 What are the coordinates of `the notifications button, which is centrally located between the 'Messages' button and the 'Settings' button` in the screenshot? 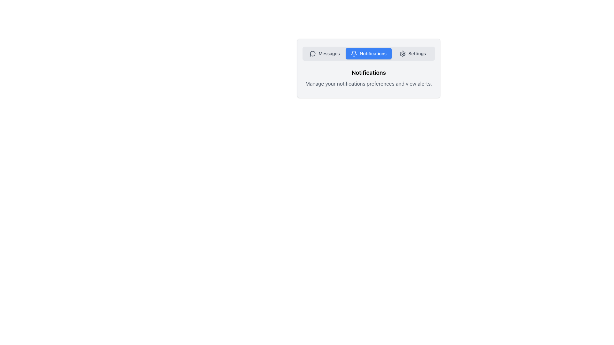 It's located at (368, 53).